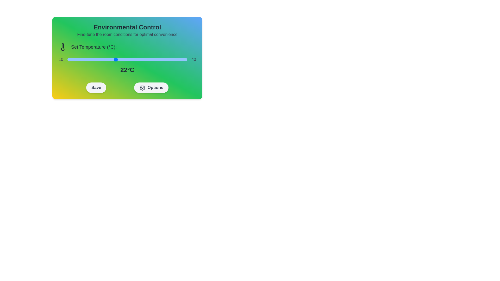  Describe the element at coordinates (75, 59) in the screenshot. I see `the temperature` at that location.